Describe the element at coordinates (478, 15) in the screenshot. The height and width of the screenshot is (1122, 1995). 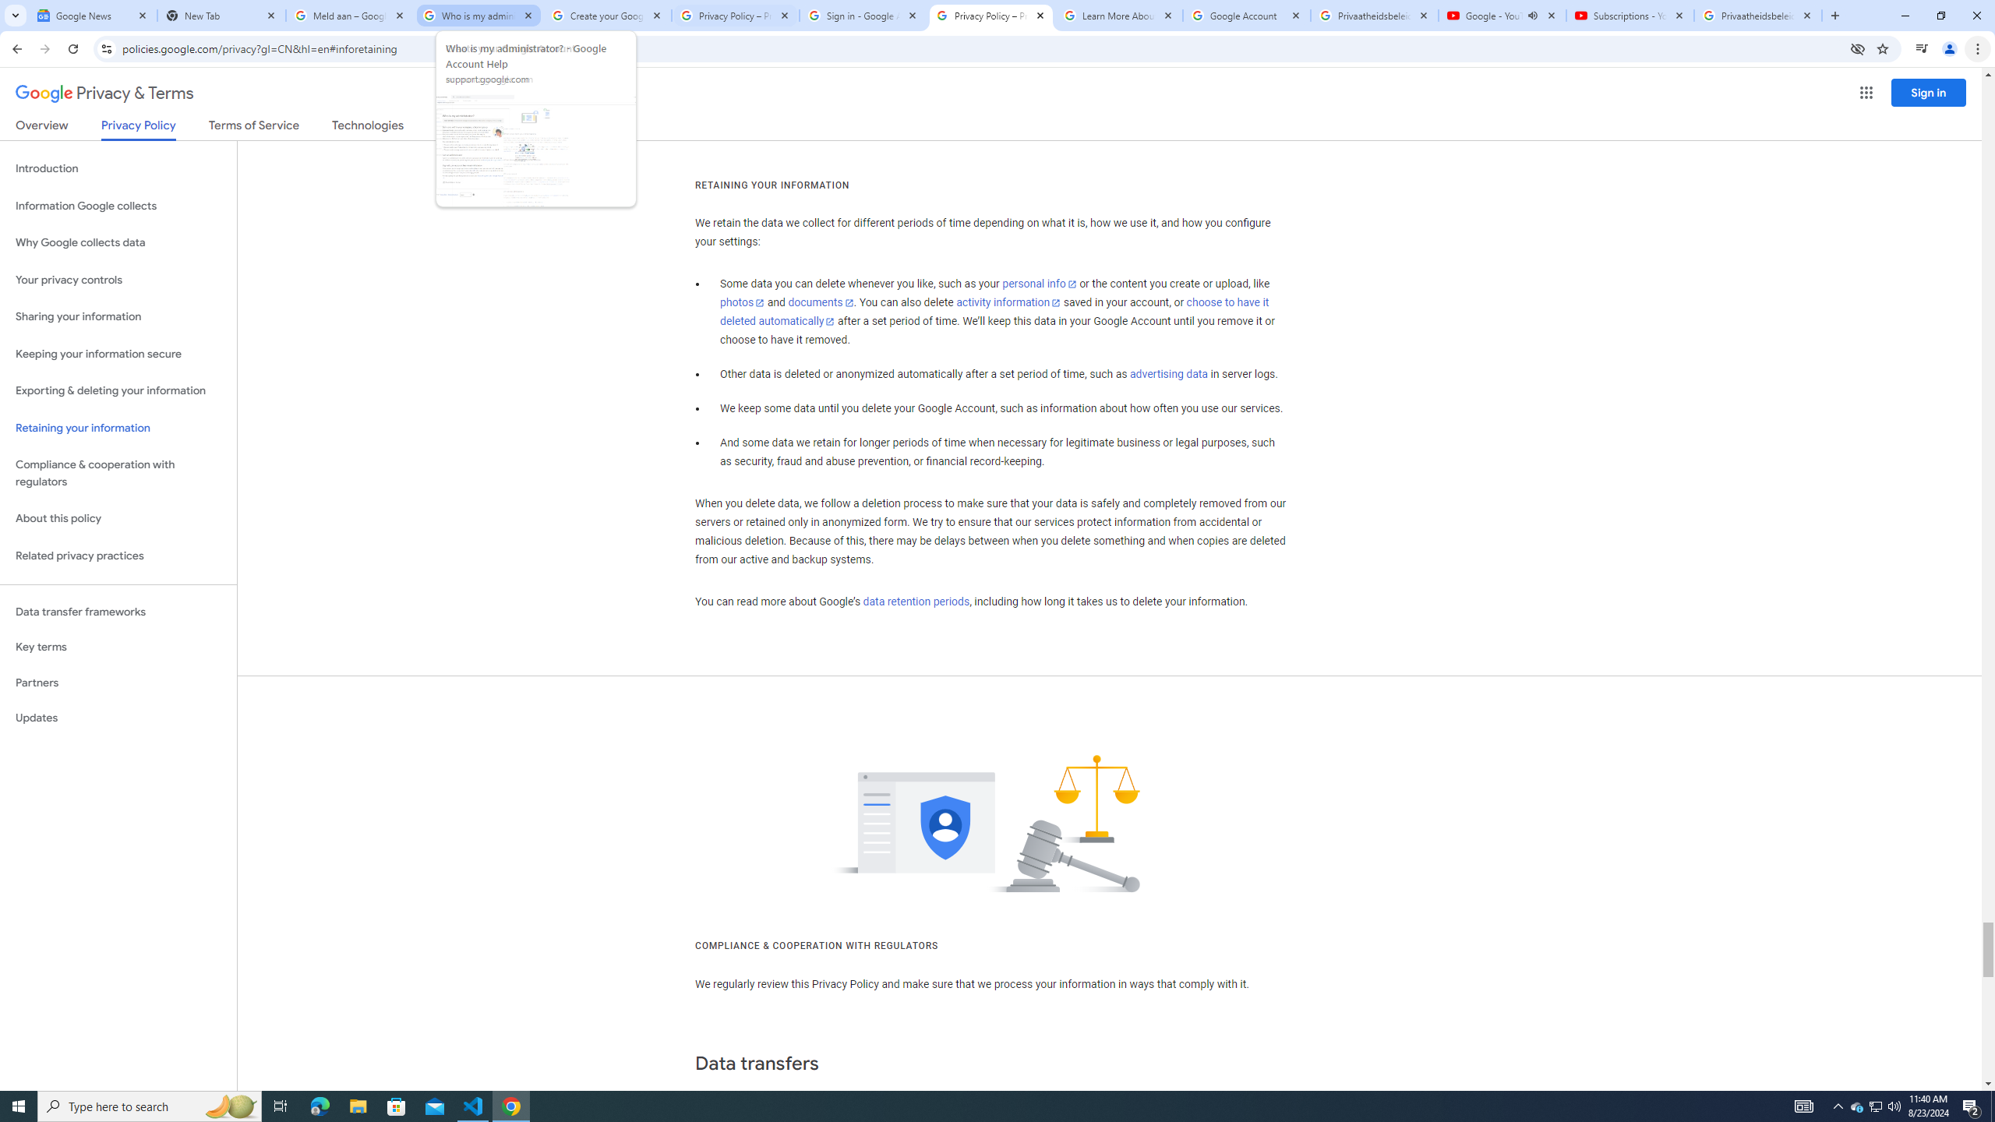
I see `'Who is my administrator? - Google Account Help'` at that location.